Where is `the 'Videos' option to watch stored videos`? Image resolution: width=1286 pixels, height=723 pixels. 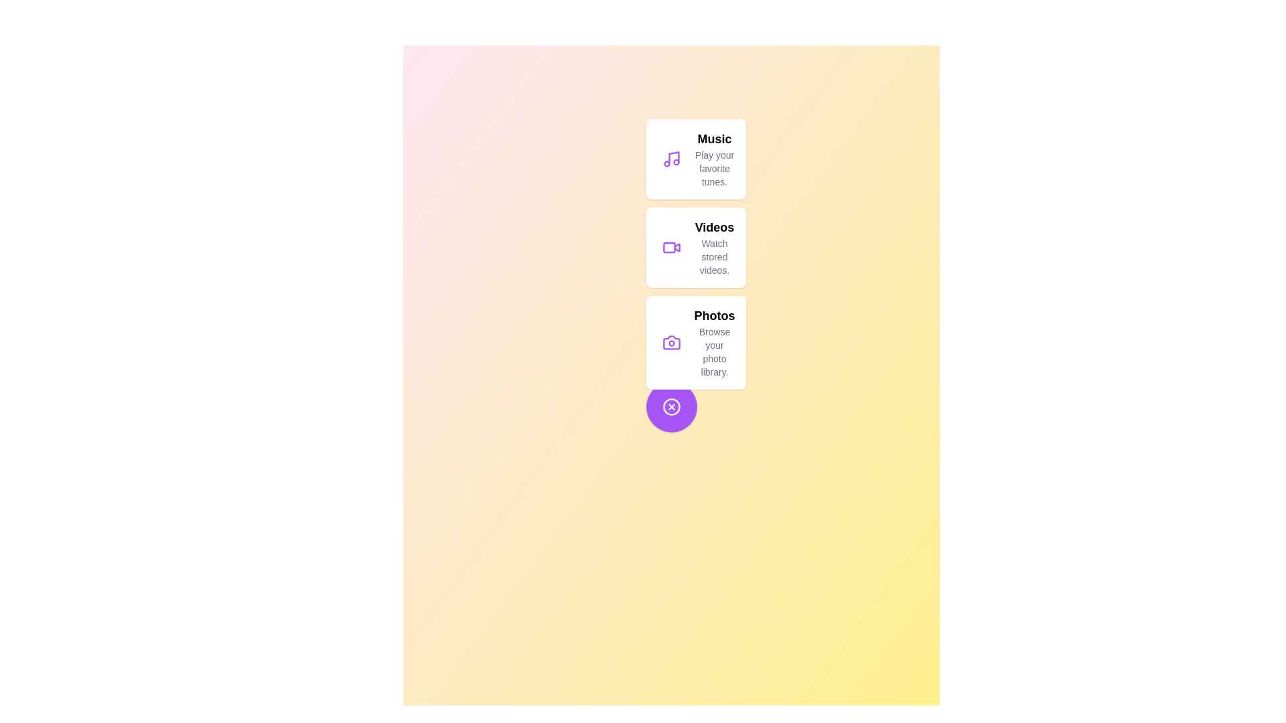 the 'Videos' option to watch stored videos is located at coordinates (695, 248).